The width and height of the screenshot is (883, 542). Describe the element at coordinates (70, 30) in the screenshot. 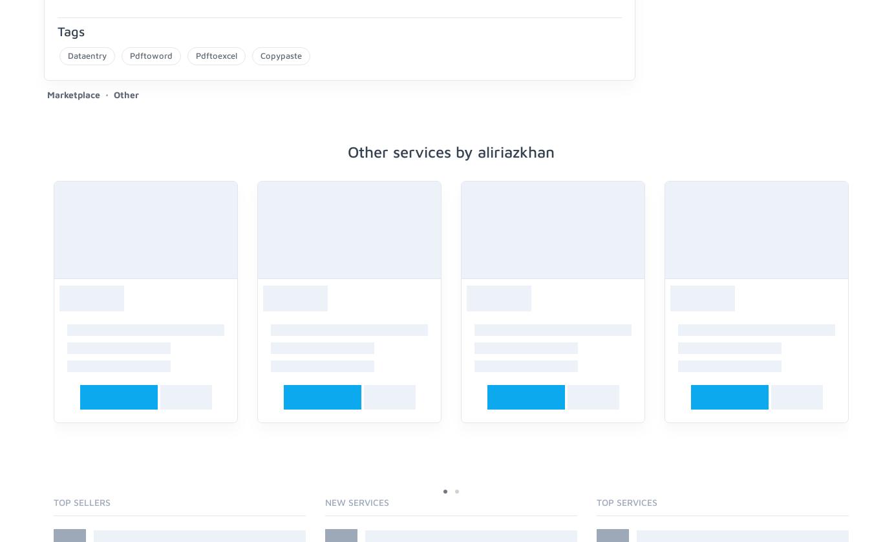

I see `'Tags'` at that location.